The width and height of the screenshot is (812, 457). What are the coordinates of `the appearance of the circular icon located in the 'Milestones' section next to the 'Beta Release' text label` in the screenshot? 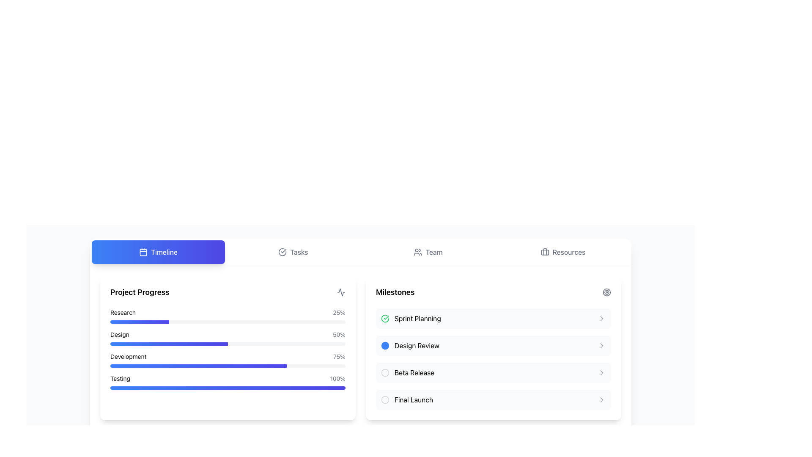 It's located at (385, 372).